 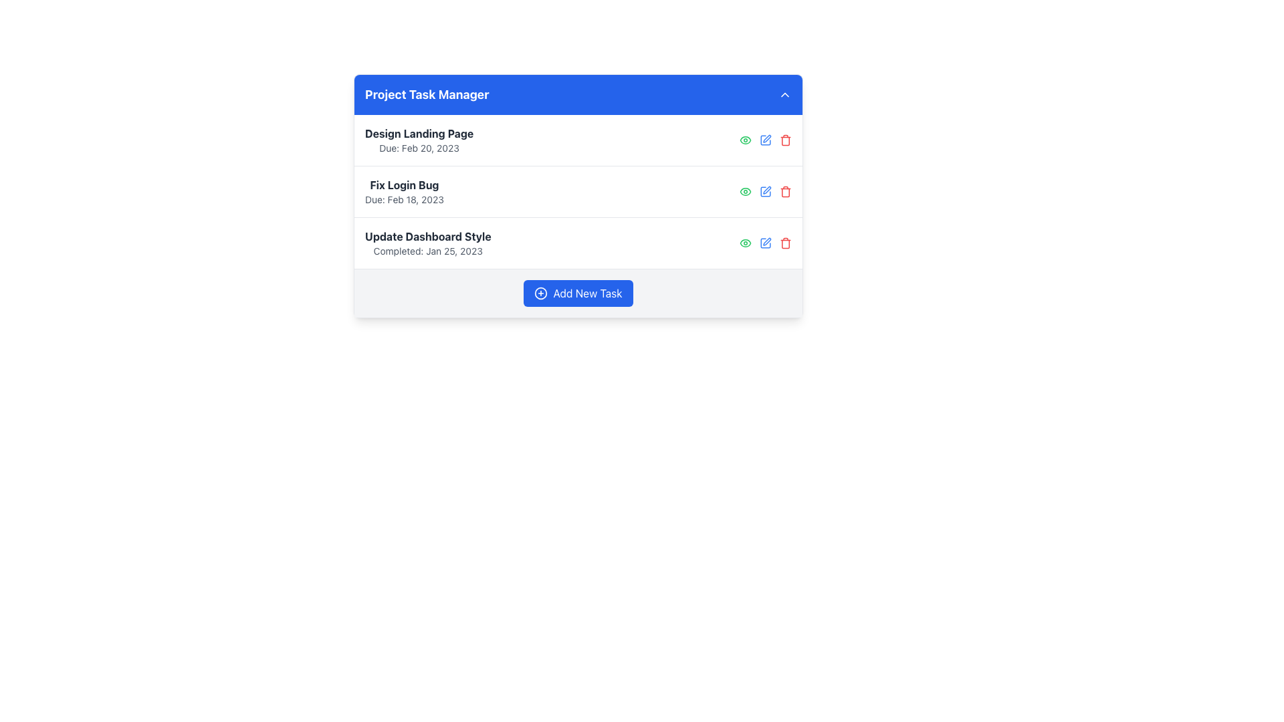 I want to click on title text label that is positioned at the top of the task list, directly above the 'Due: Feb 20, 2023' text, so click(x=419, y=134).